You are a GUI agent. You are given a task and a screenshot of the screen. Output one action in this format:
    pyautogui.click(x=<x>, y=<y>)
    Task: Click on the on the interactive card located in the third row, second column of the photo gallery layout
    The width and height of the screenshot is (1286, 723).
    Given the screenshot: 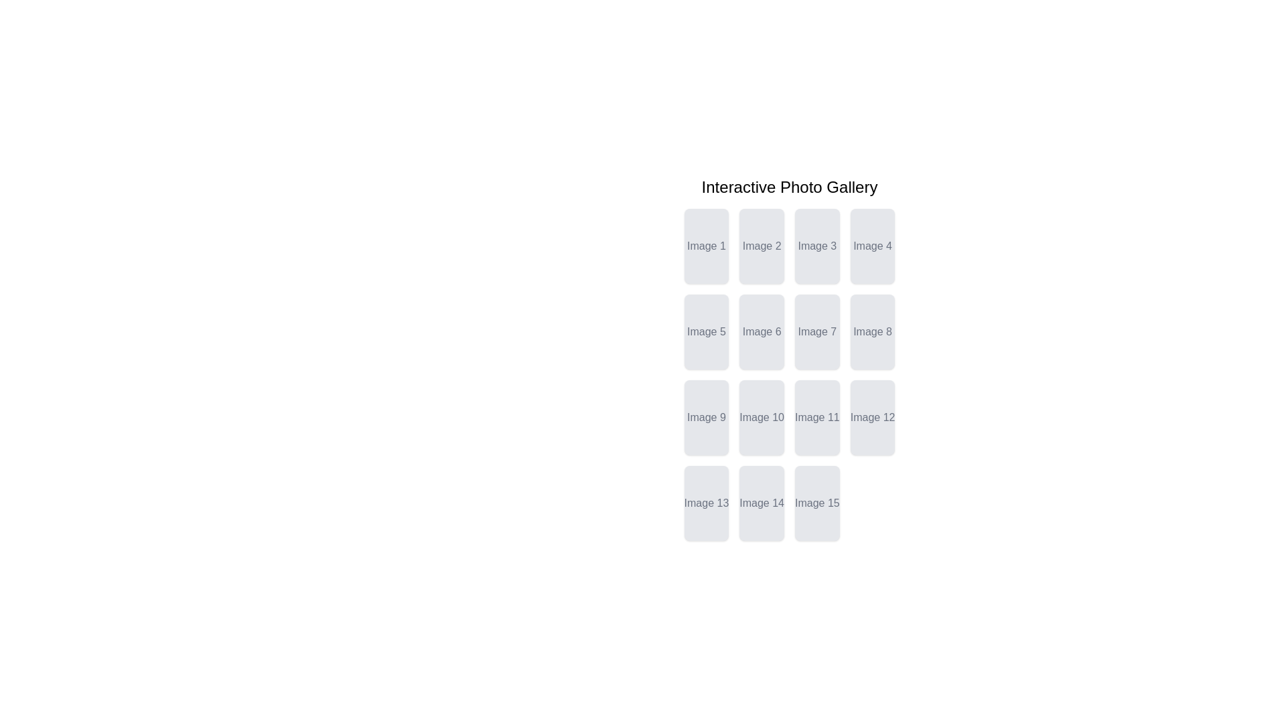 What is the action you would take?
    pyautogui.click(x=816, y=417)
    